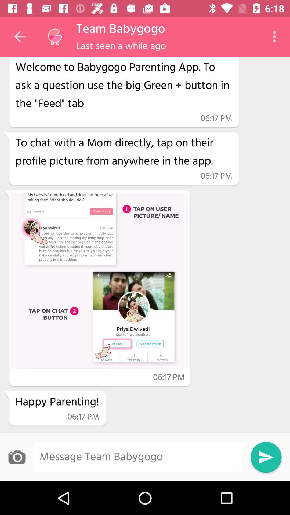 This screenshot has width=290, height=515. Describe the element at coordinates (266, 457) in the screenshot. I see `item at the bottom right corner` at that location.